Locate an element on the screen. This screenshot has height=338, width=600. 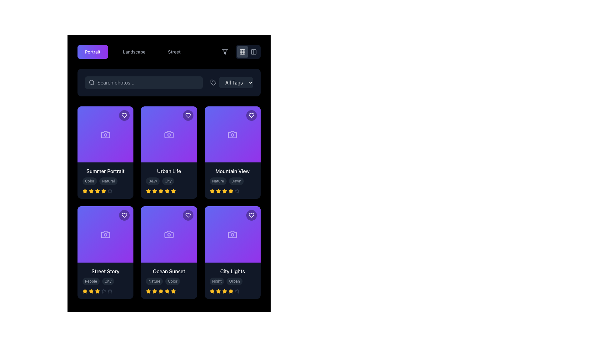
displayed tags 'Night' and 'Urban' from the card-like component with a gradient-colored background located in the bottom-right corner of the grid layout is located at coordinates (232, 252).